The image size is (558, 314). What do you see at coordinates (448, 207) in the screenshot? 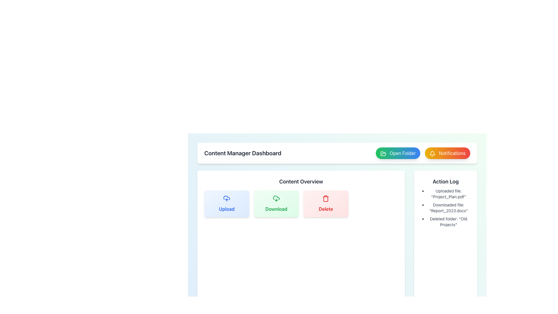
I see `the text label that indicates the downloaded file "Report_2023.docx" located in the Action Log section, positioned between the entries for "Uploaded file: \"Project_Plan.pdf\"" and "Deleted folder: \"Old Projects\""` at bounding box center [448, 207].